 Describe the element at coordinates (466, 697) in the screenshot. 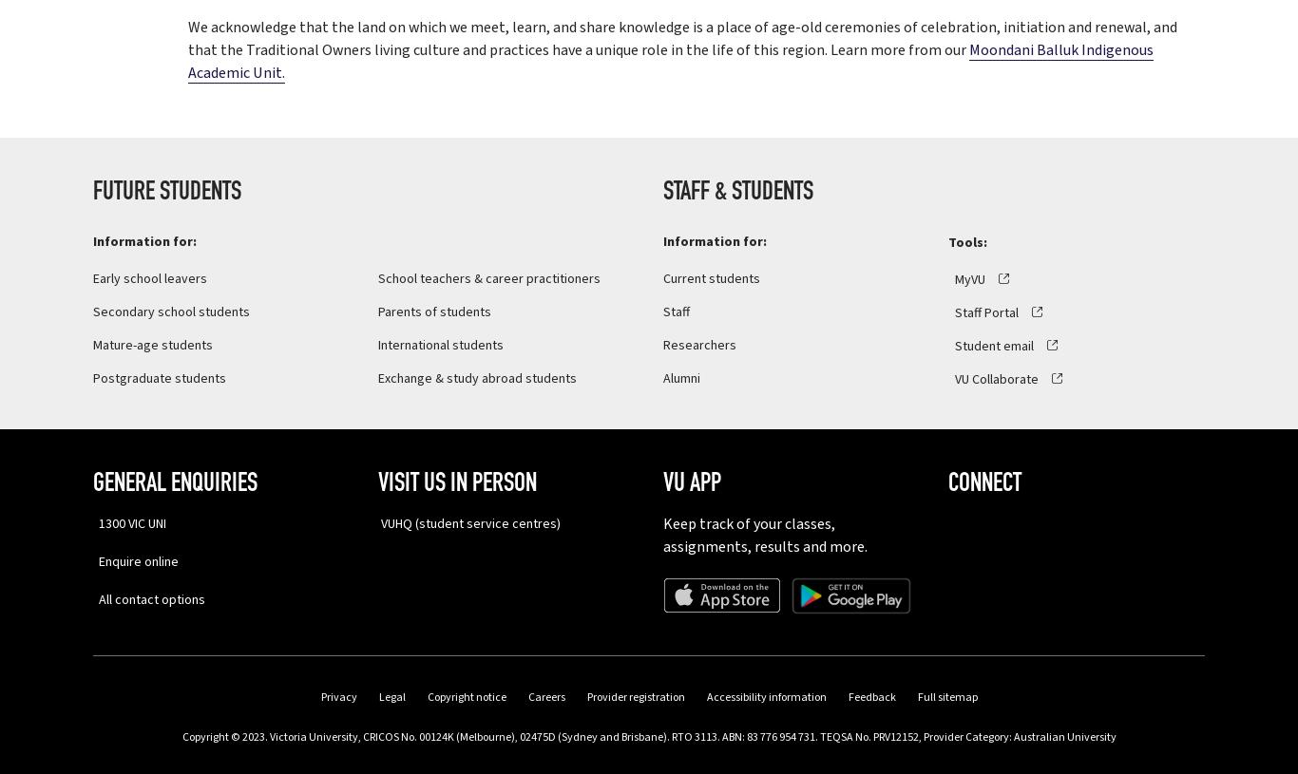

I see `'Copyright notice'` at that location.